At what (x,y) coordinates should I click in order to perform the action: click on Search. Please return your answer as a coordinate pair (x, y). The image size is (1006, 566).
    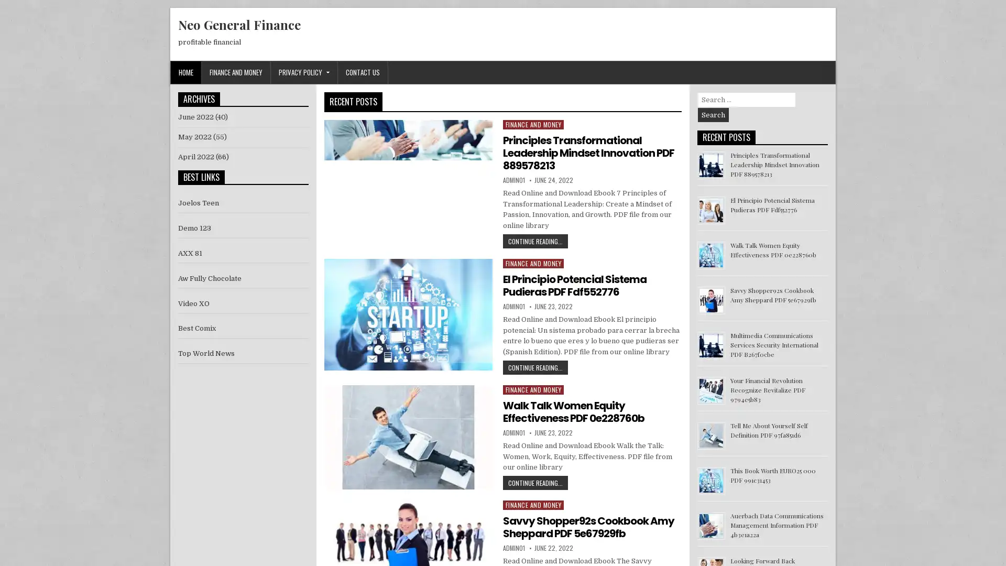
    Looking at the image, I should click on (713, 115).